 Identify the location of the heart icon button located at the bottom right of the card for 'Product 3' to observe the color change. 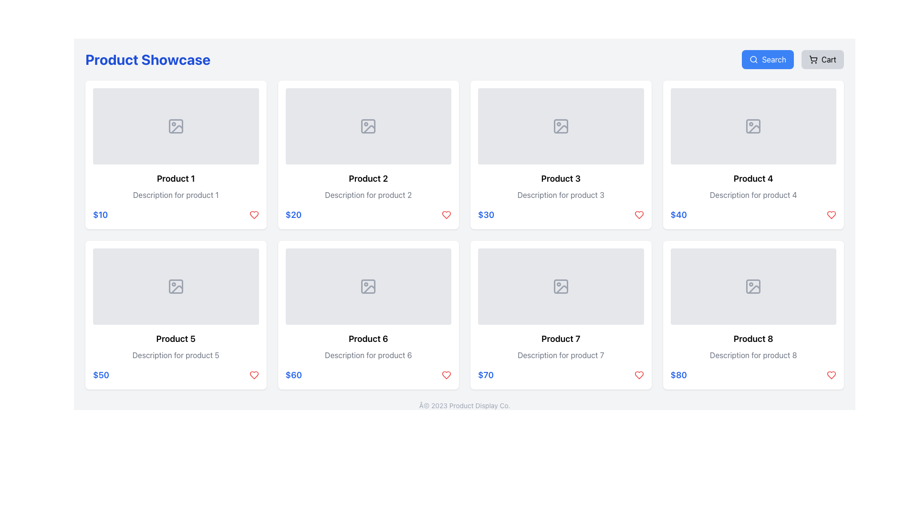
(639, 215).